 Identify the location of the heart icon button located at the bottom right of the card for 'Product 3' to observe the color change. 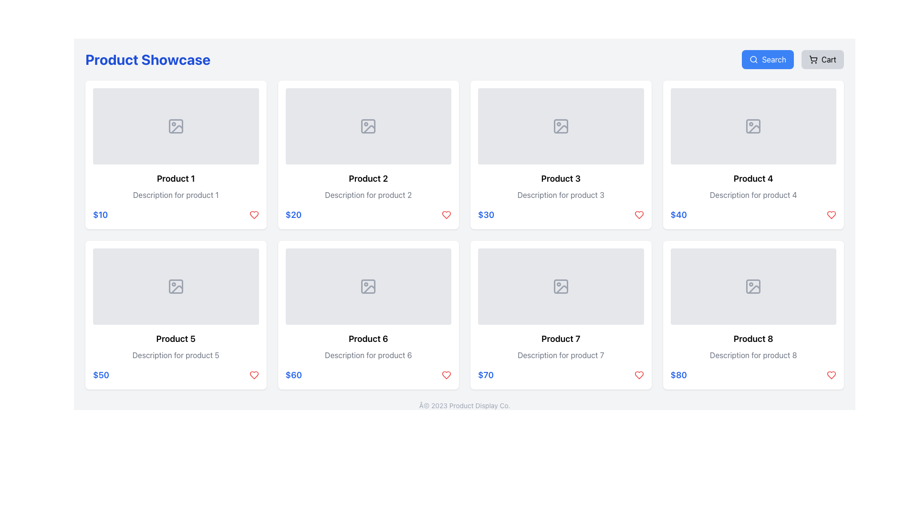
(639, 215).